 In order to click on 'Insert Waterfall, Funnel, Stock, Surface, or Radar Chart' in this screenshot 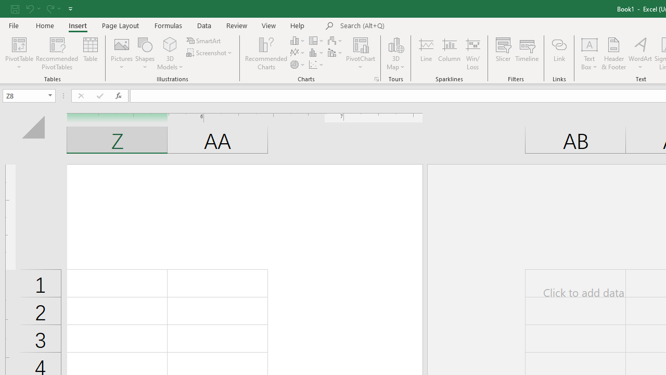, I will do `click(336, 40)`.